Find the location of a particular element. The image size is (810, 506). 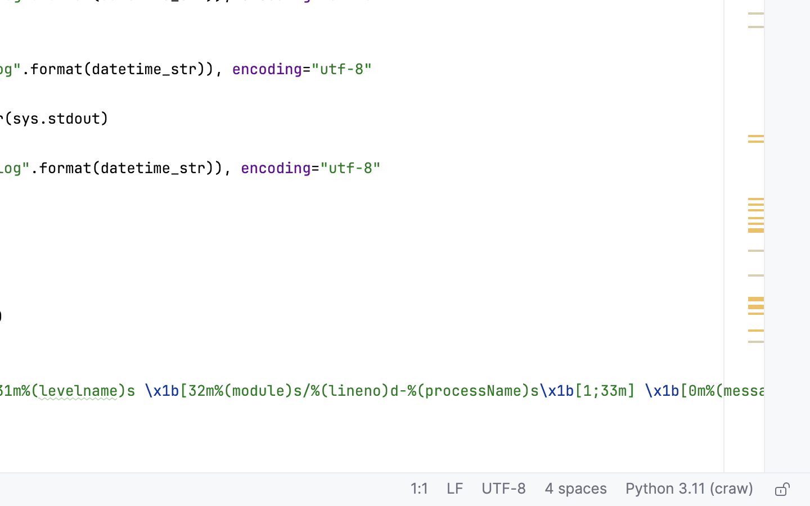

'UTF-8' is located at coordinates (503, 490).